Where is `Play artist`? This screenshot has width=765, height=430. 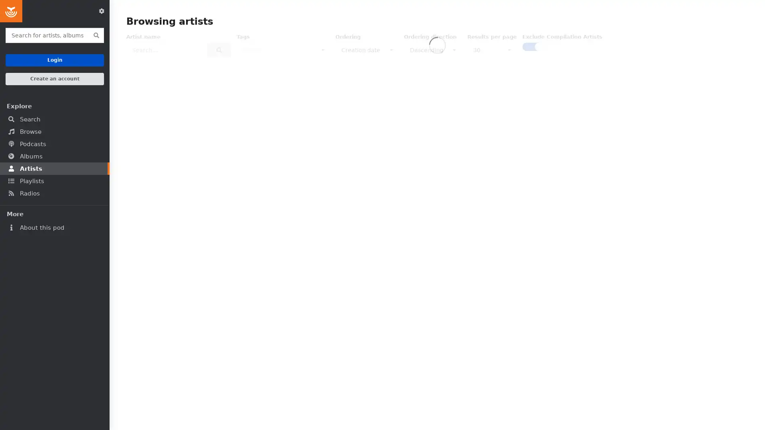
Play artist is located at coordinates (193, 136).